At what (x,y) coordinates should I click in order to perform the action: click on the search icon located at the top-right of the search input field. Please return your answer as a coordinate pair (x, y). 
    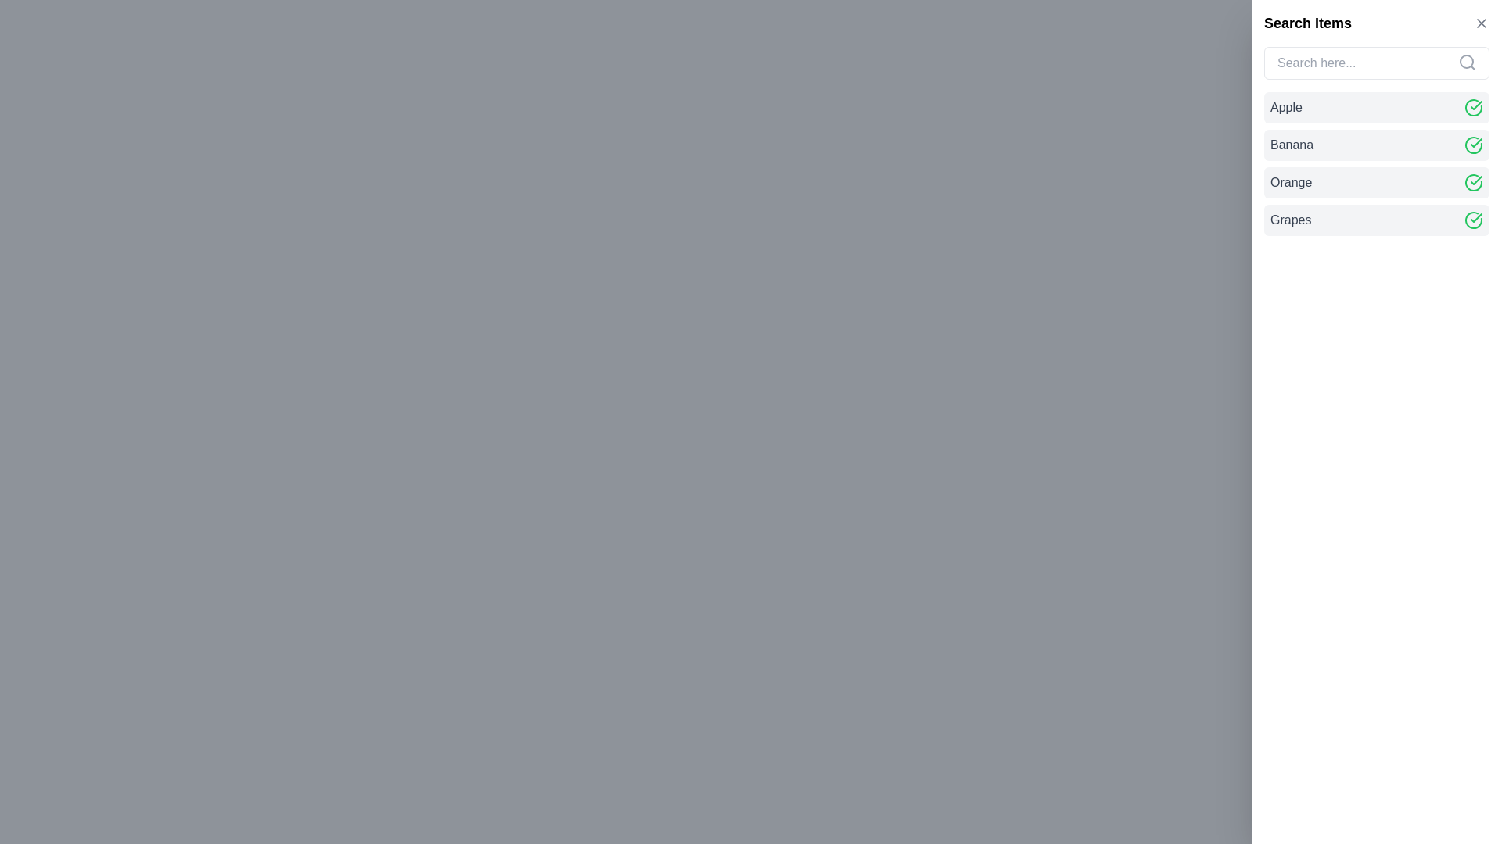
    Looking at the image, I should click on (1467, 62).